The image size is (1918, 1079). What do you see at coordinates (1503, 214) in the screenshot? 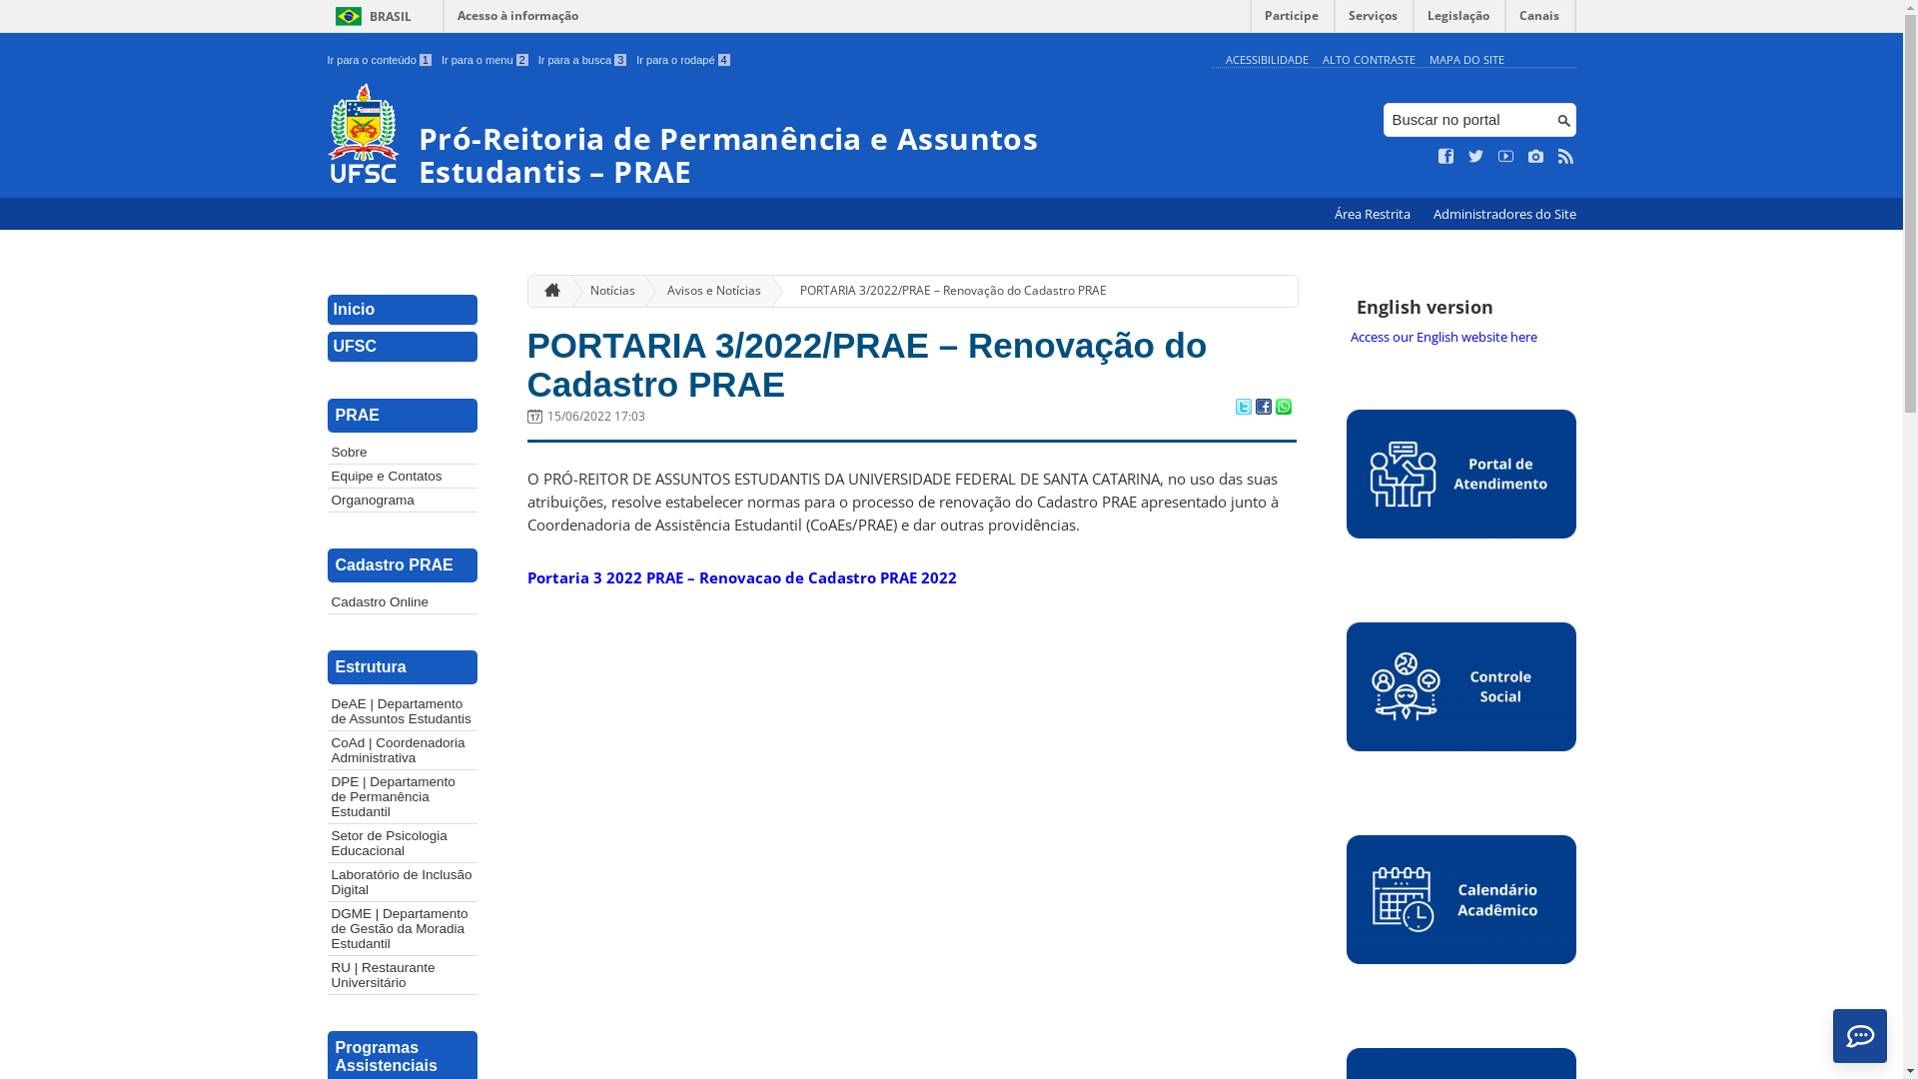
I see `'Administradores do Site'` at bounding box center [1503, 214].